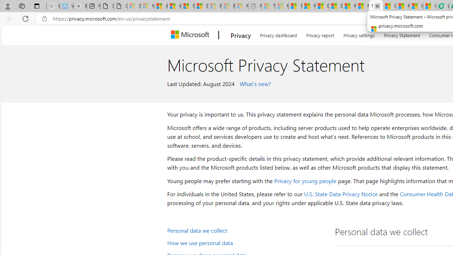 The height and width of the screenshot is (255, 453). Describe the element at coordinates (80, 6) in the screenshot. I see `'Buy iPad - Apple - Sleeping'` at that location.